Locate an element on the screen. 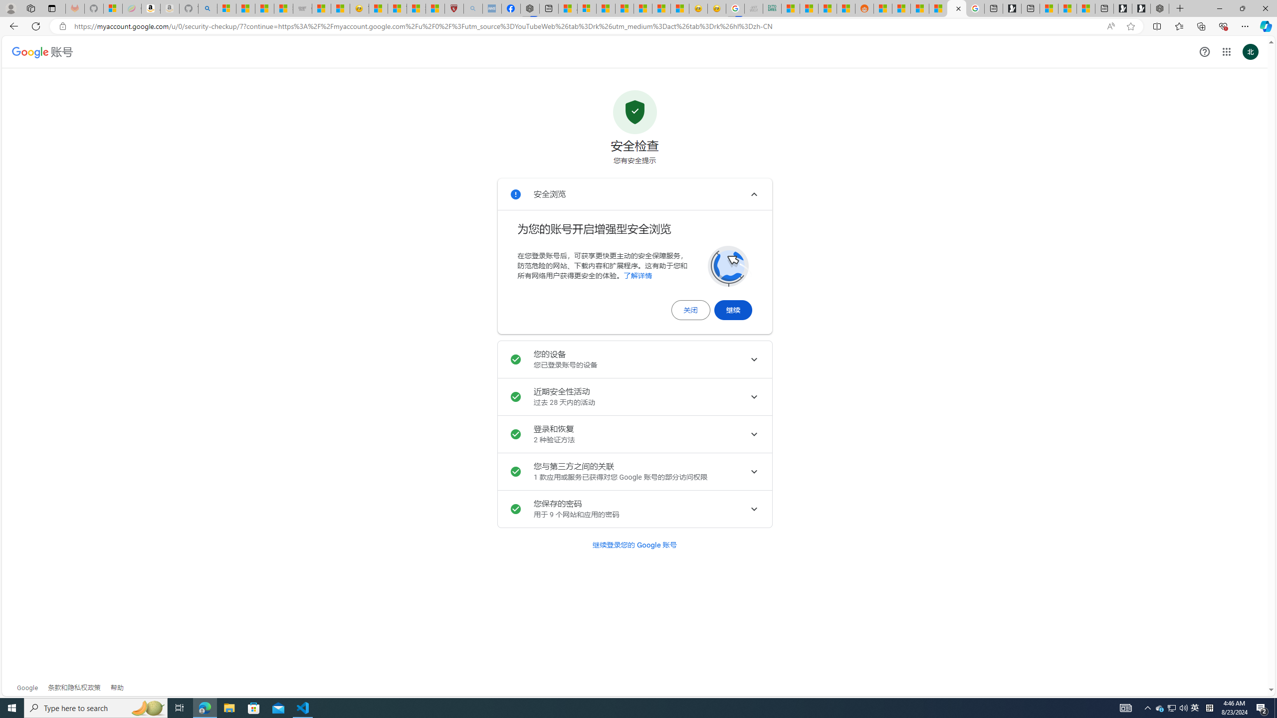 This screenshot has height=718, width=1277. 'Class: gb_E' is located at coordinates (1226, 51).